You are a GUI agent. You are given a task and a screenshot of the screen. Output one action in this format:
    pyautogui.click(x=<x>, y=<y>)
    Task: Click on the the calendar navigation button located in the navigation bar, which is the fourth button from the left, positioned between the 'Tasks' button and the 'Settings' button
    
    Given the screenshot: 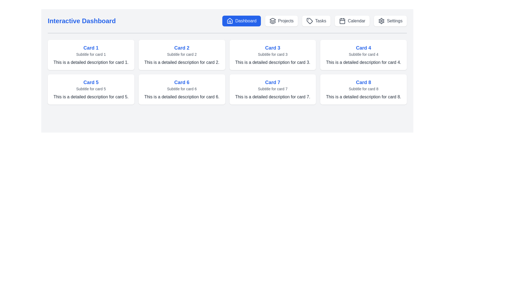 What is the action you would take?
    pyautogui.click(x=352, y=20)
    